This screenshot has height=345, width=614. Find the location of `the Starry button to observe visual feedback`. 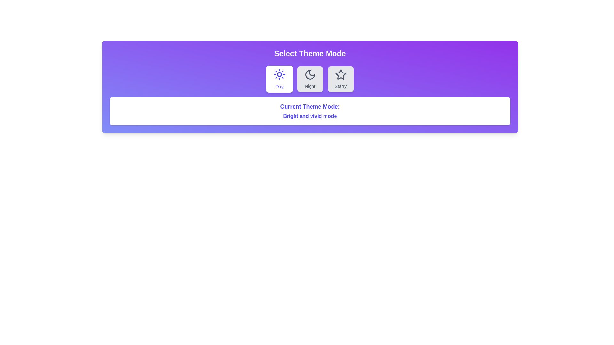

the Starry button to observe visual feedback is located at coordinates (340, 79).